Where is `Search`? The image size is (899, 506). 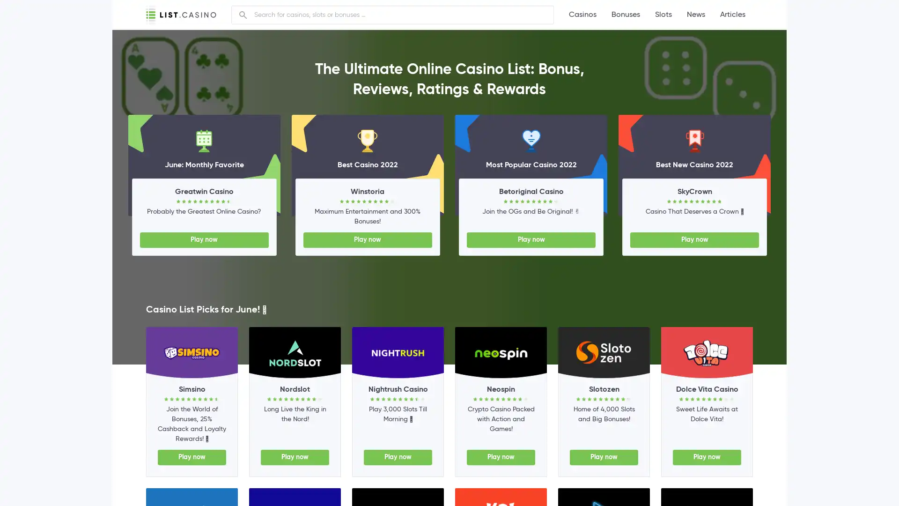
Search is located at coordinates (231, 24).